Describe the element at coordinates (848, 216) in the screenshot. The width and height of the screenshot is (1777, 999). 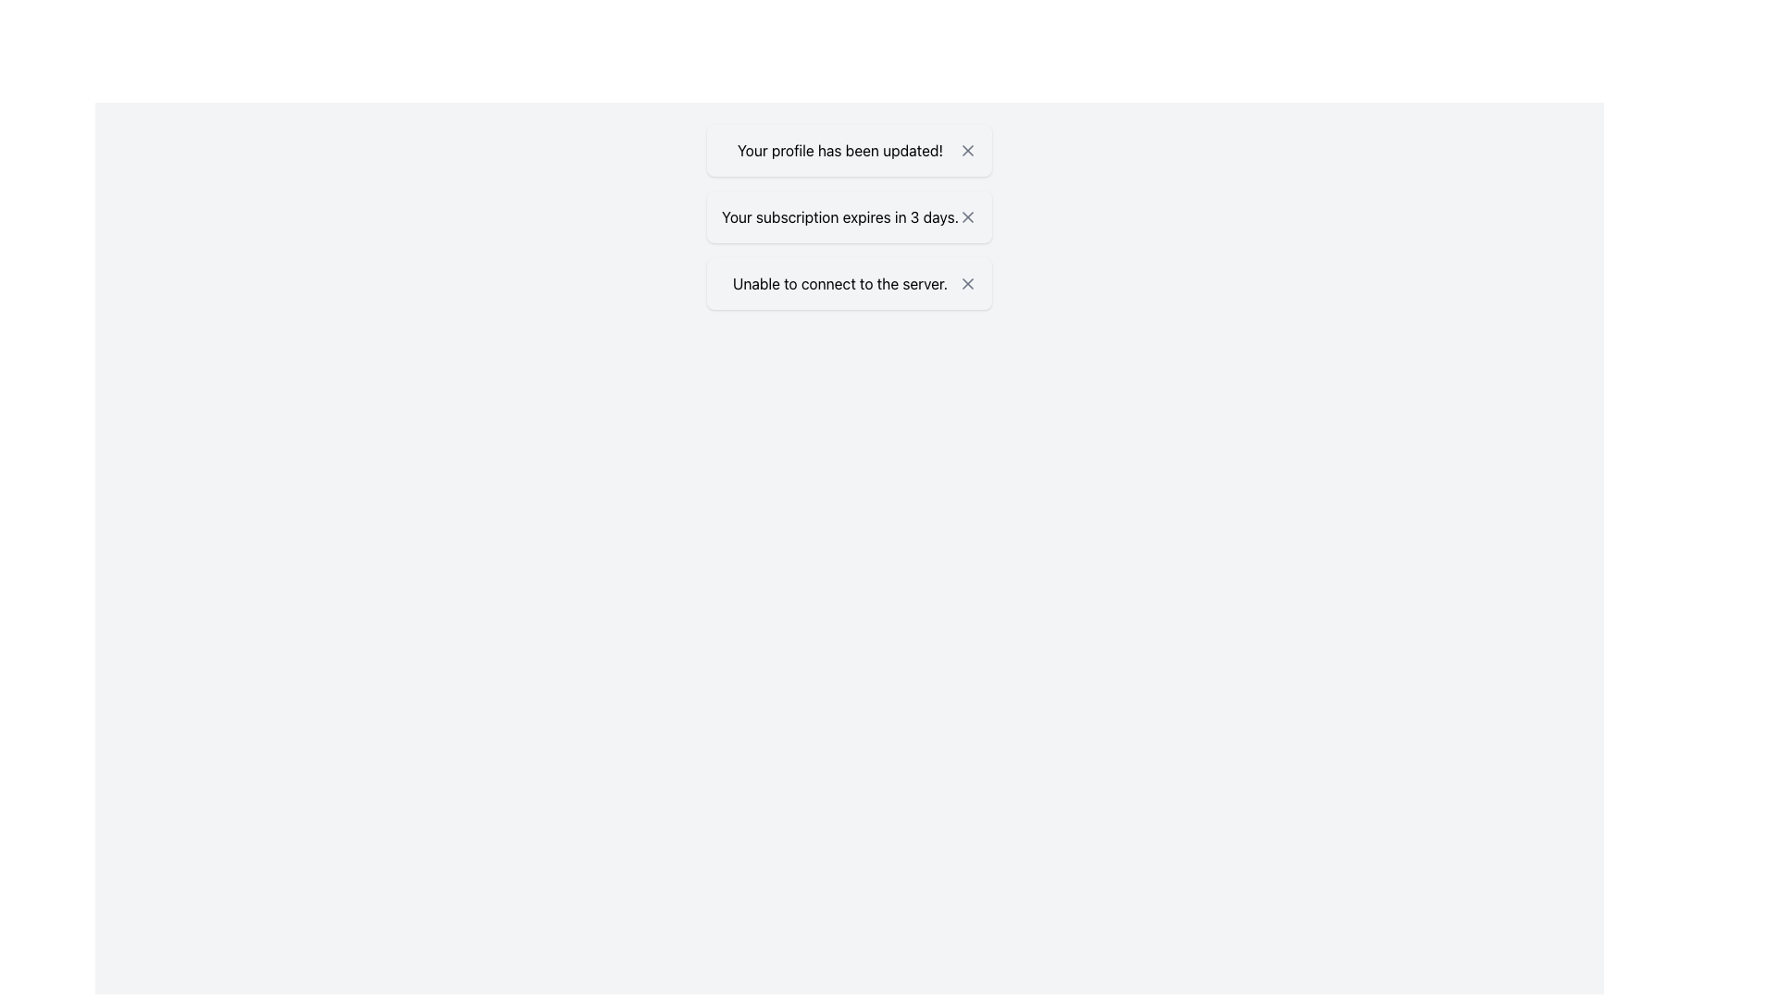
I see `the middle notification box that displays the message 'Your subscription expires in 3 days.'` at that location.